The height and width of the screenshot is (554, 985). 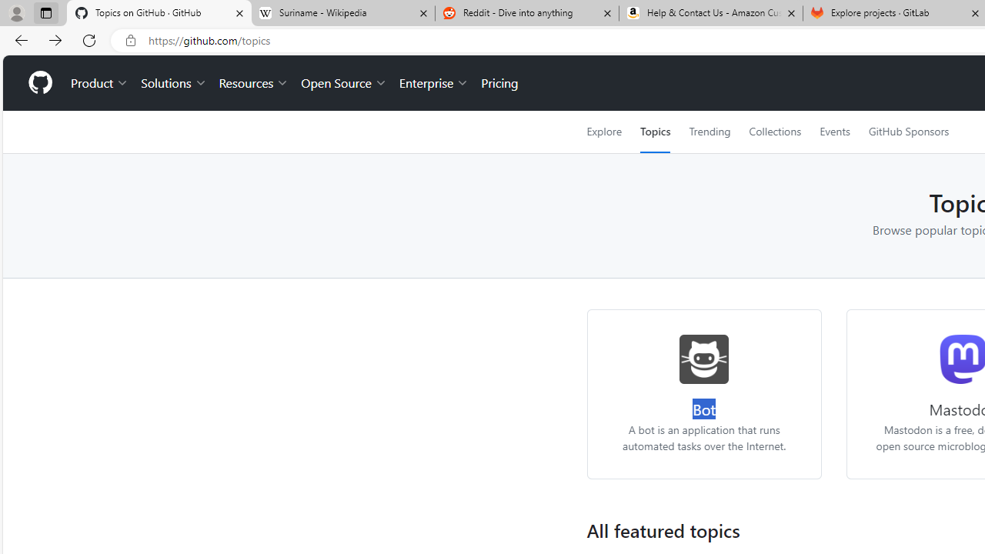 What do you see at coordinates (655, 131) in the screenshot?
I see `'Topics'` at bounding box center [655, 131].